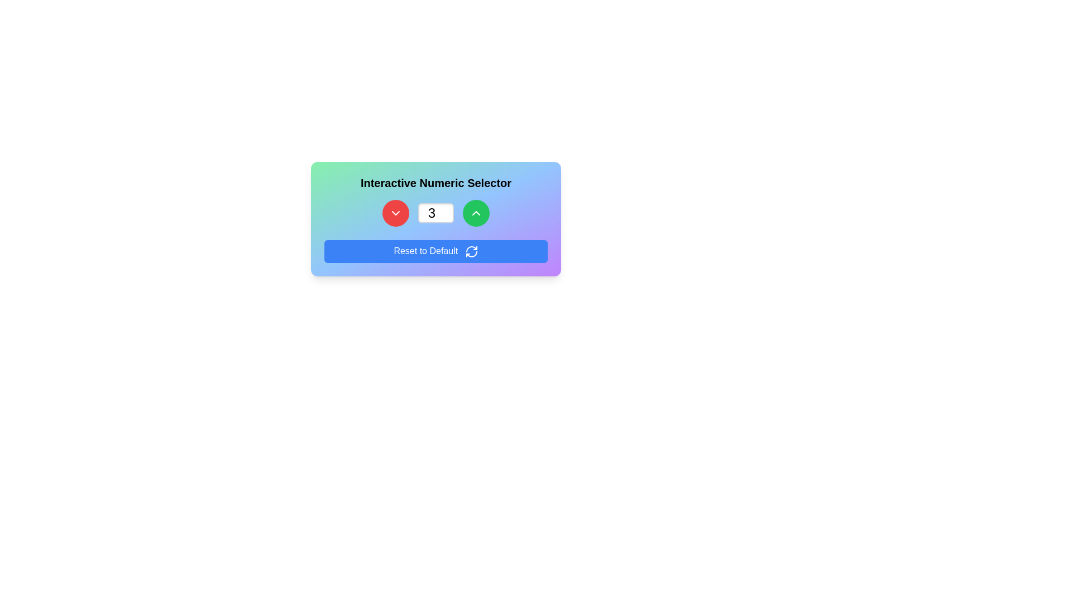 The width and height of the screenshot is (1072, 603). What do you see at coordinates (471, 251) in the screenshot?
I see `the graphical icon located within the 'Reset to Default' button, which is positioned towards its right end and serves to reset or refresh data or settings` at bounding box center [471, 251].